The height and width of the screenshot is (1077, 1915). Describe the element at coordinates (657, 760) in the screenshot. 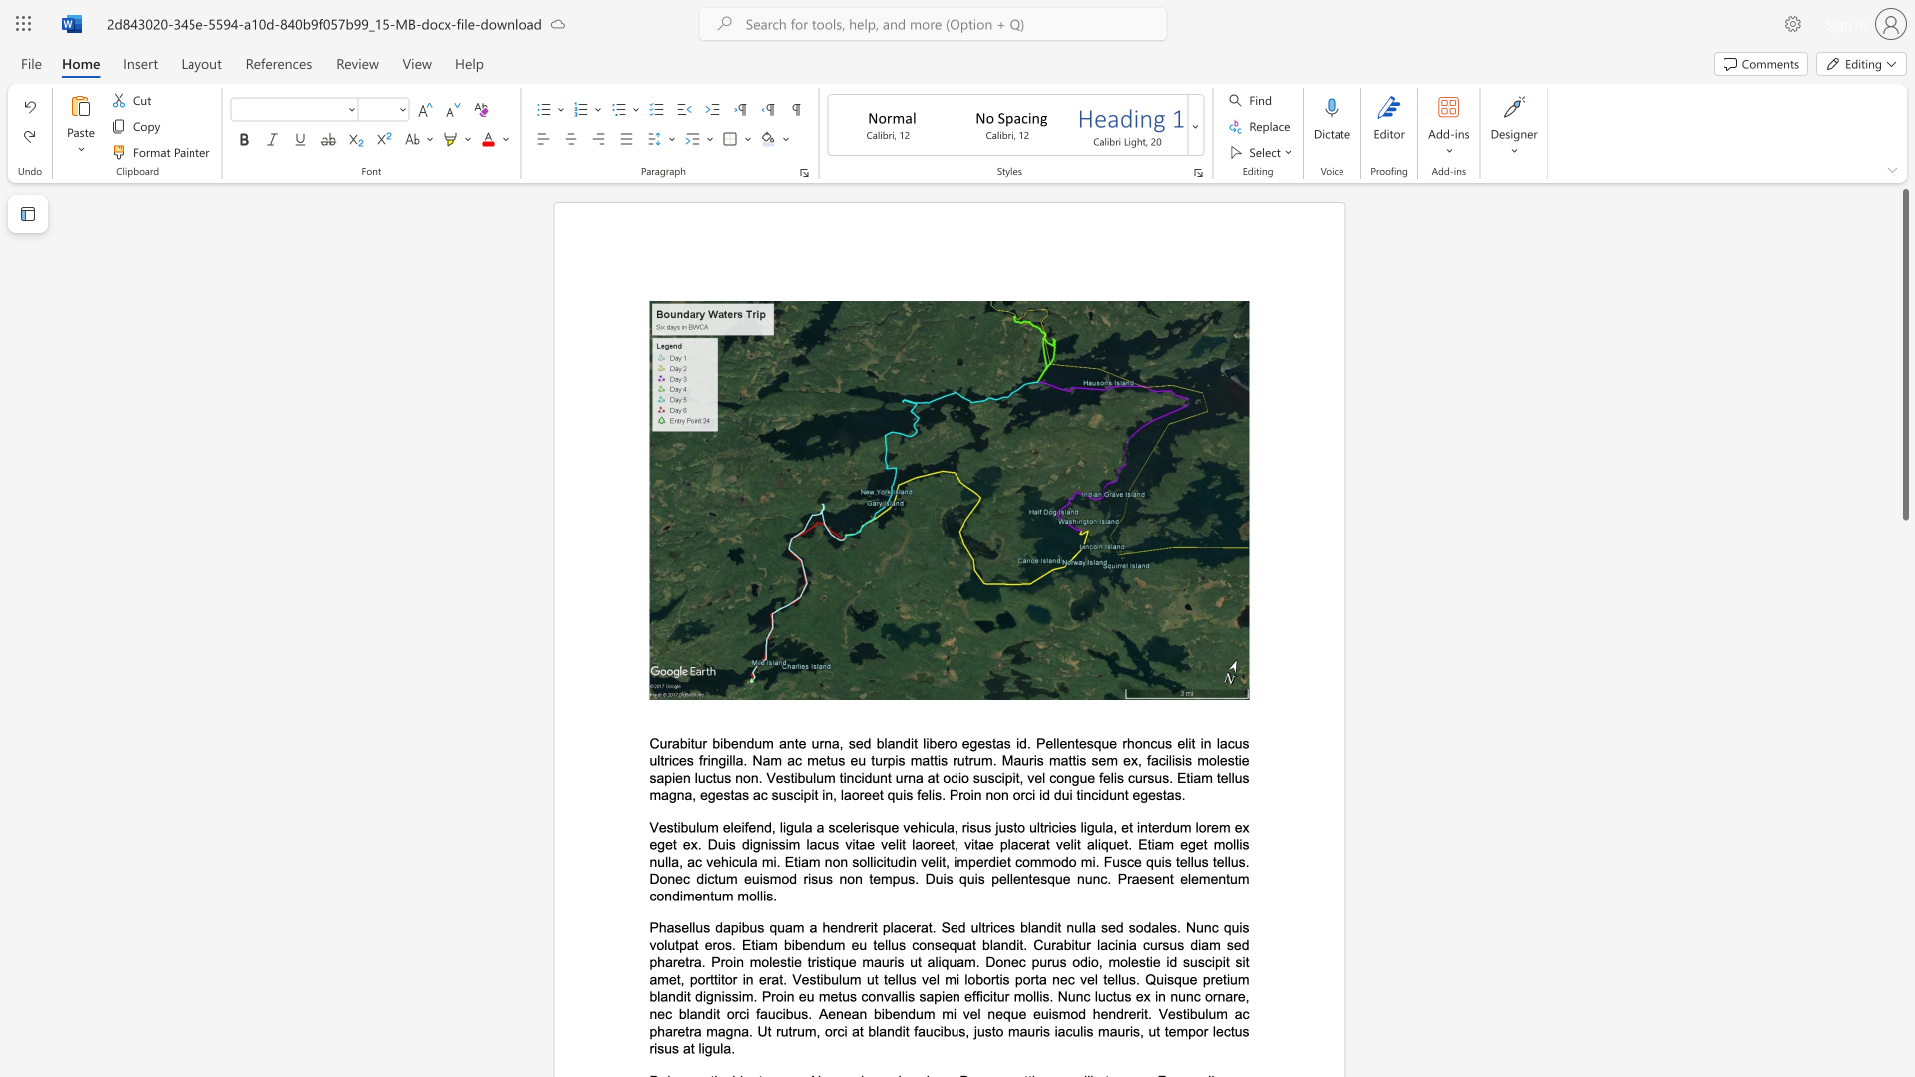

I see `the subset text "ltrices fringilla. Nam ac metus eu turpis mattis rutrum. Mauris mattis sem ex, facilisis molestie sapien luctus non. Vestibulum tincidunt urna at odio suscipit, vel congue felis cu" within the text "Curabitur bibendum ante urna, sed blandit libero egestas id. Pellentesque rhoncus elit in lacus ultrices fringilla. Nam ac metus eu turpis mattis rutrum. Mauris mattis sem ex, facilisis molestie sapien luctus non. Vestibulum tincidunt urna at odio suscipit, vel congue felis cursus. Etiam tellus magna, egestas ac suscipit in, laoreet quis felis. Proin non orci id dui tincidunt egestas."` at that location.